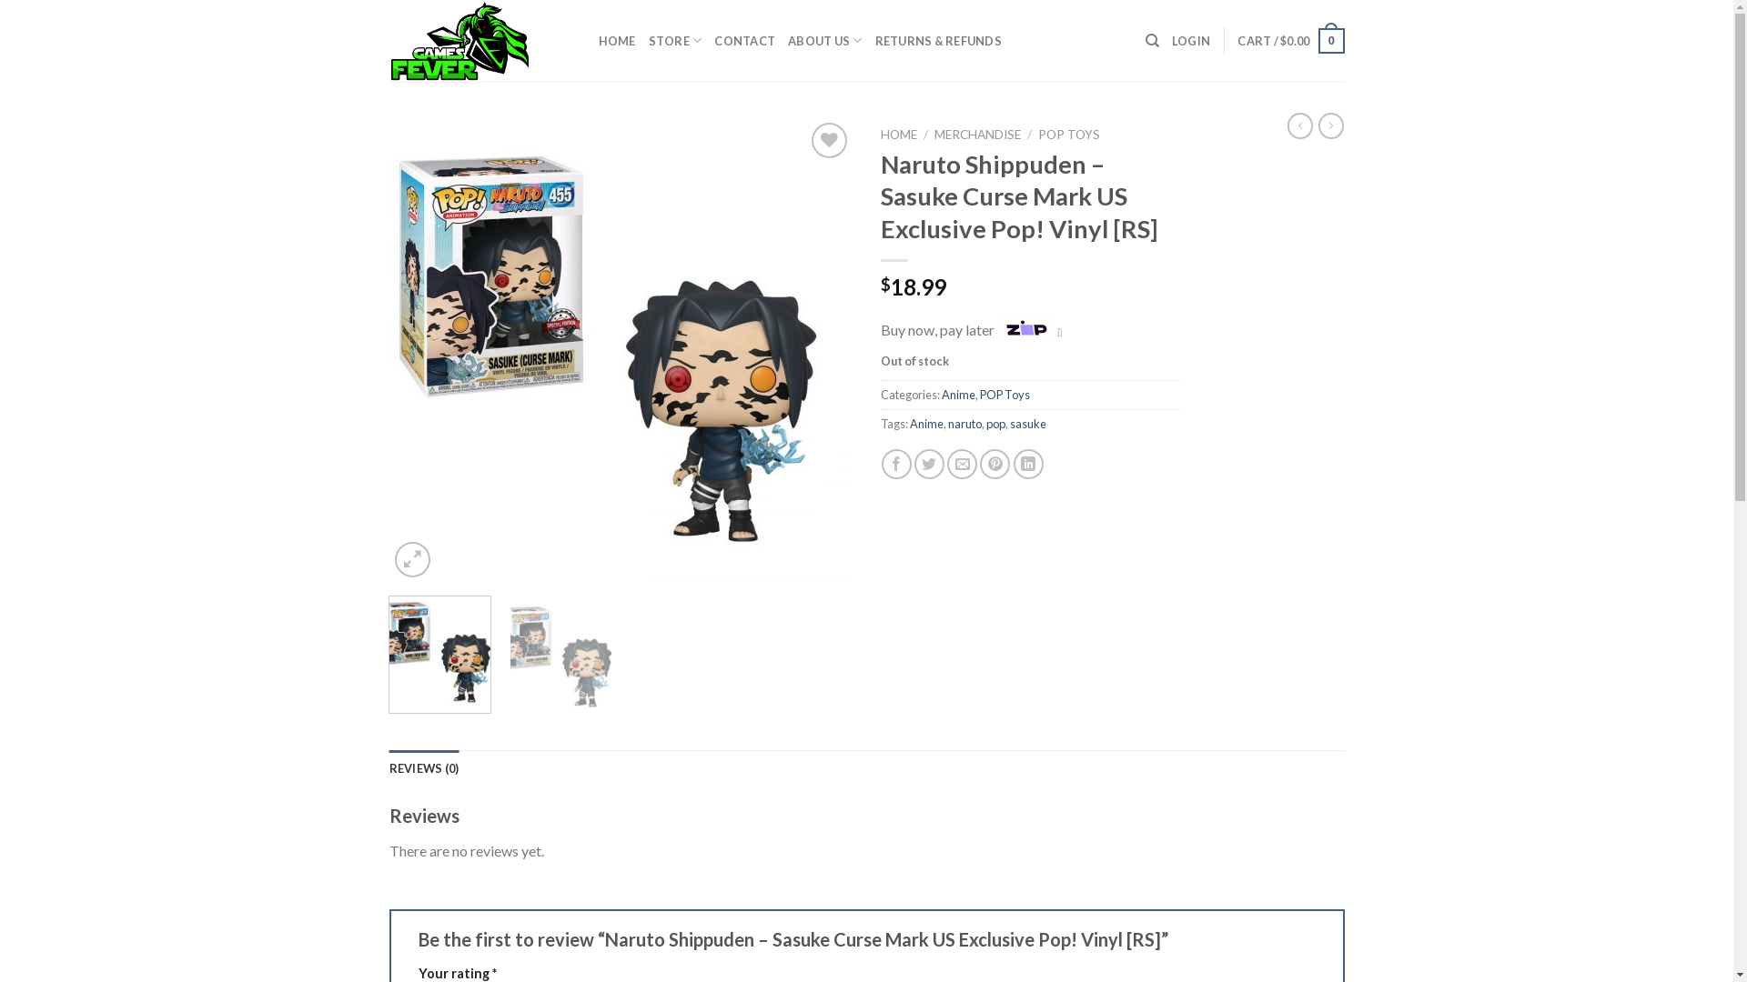 The image size is (1747, 982). I want to click on 'Zoom', so click(411, 558).